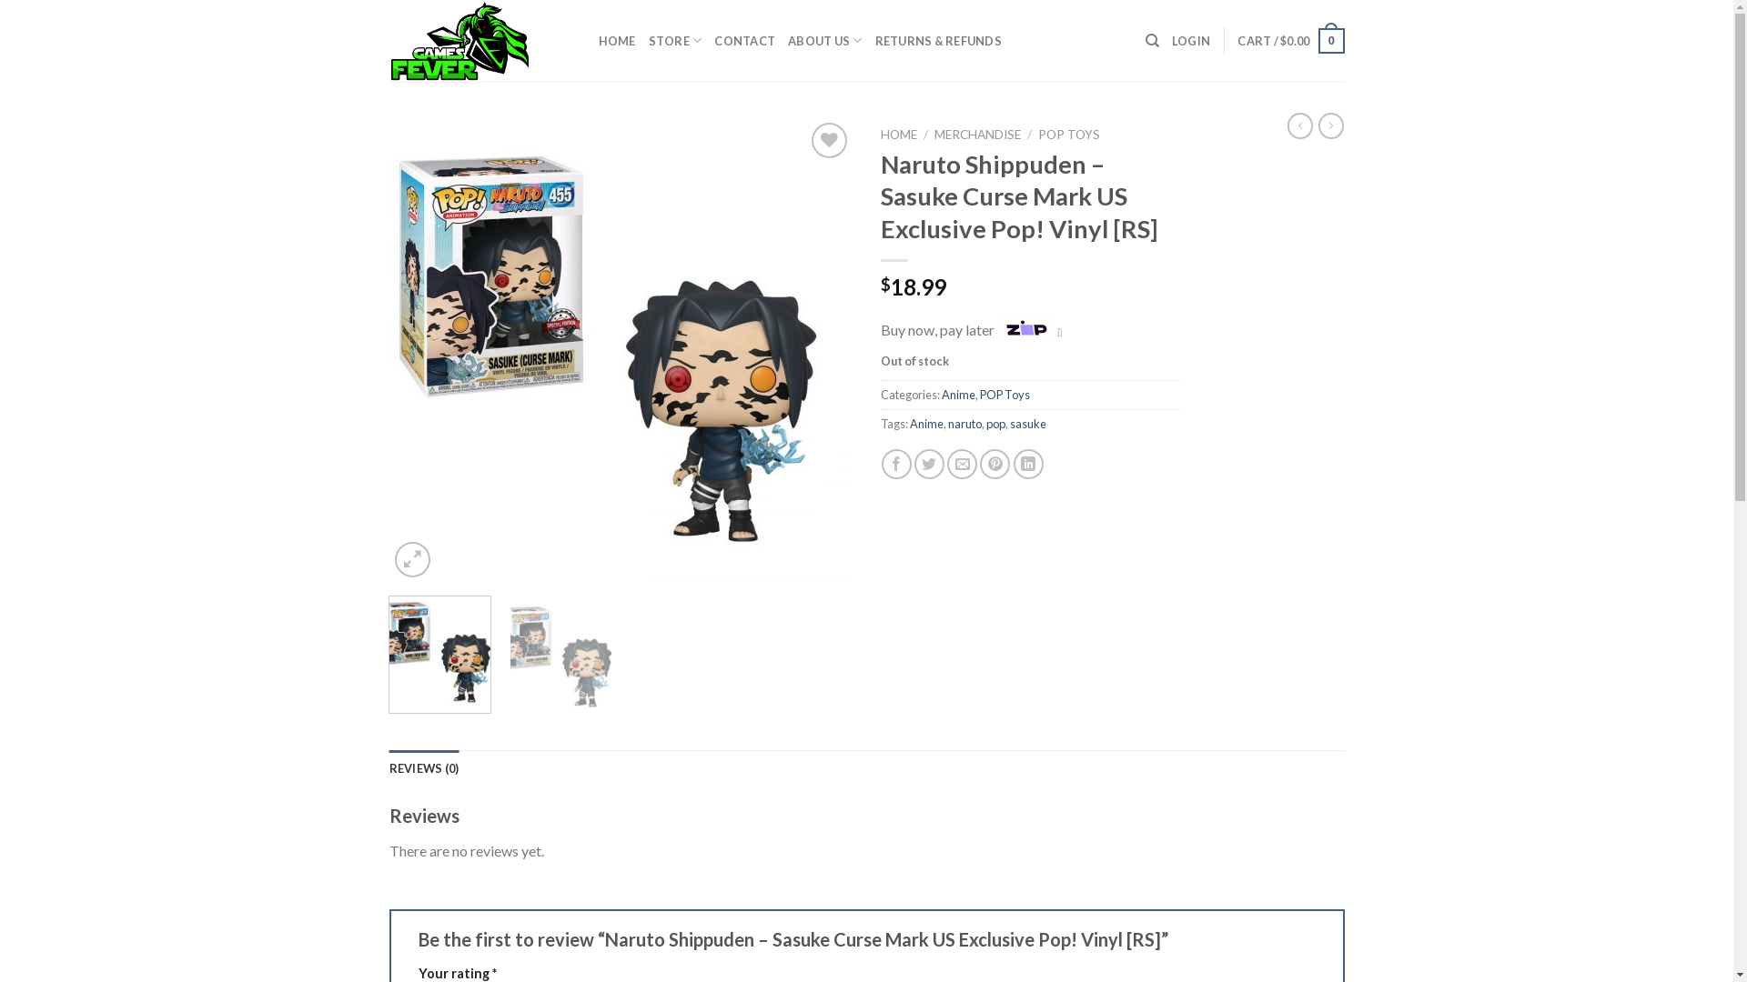 The image size is (1747, 982). I want to click on 'Zoom', so click(411, 558).